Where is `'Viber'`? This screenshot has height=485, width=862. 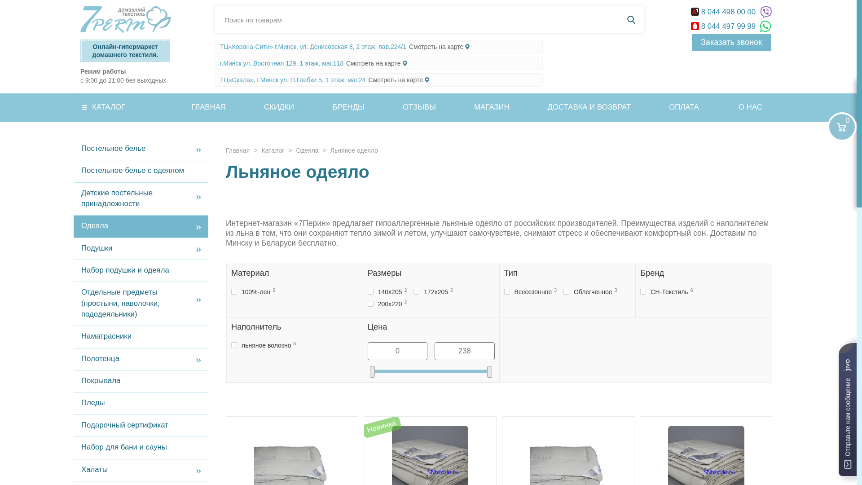 'Viber' is located at coordinates (760, 12).